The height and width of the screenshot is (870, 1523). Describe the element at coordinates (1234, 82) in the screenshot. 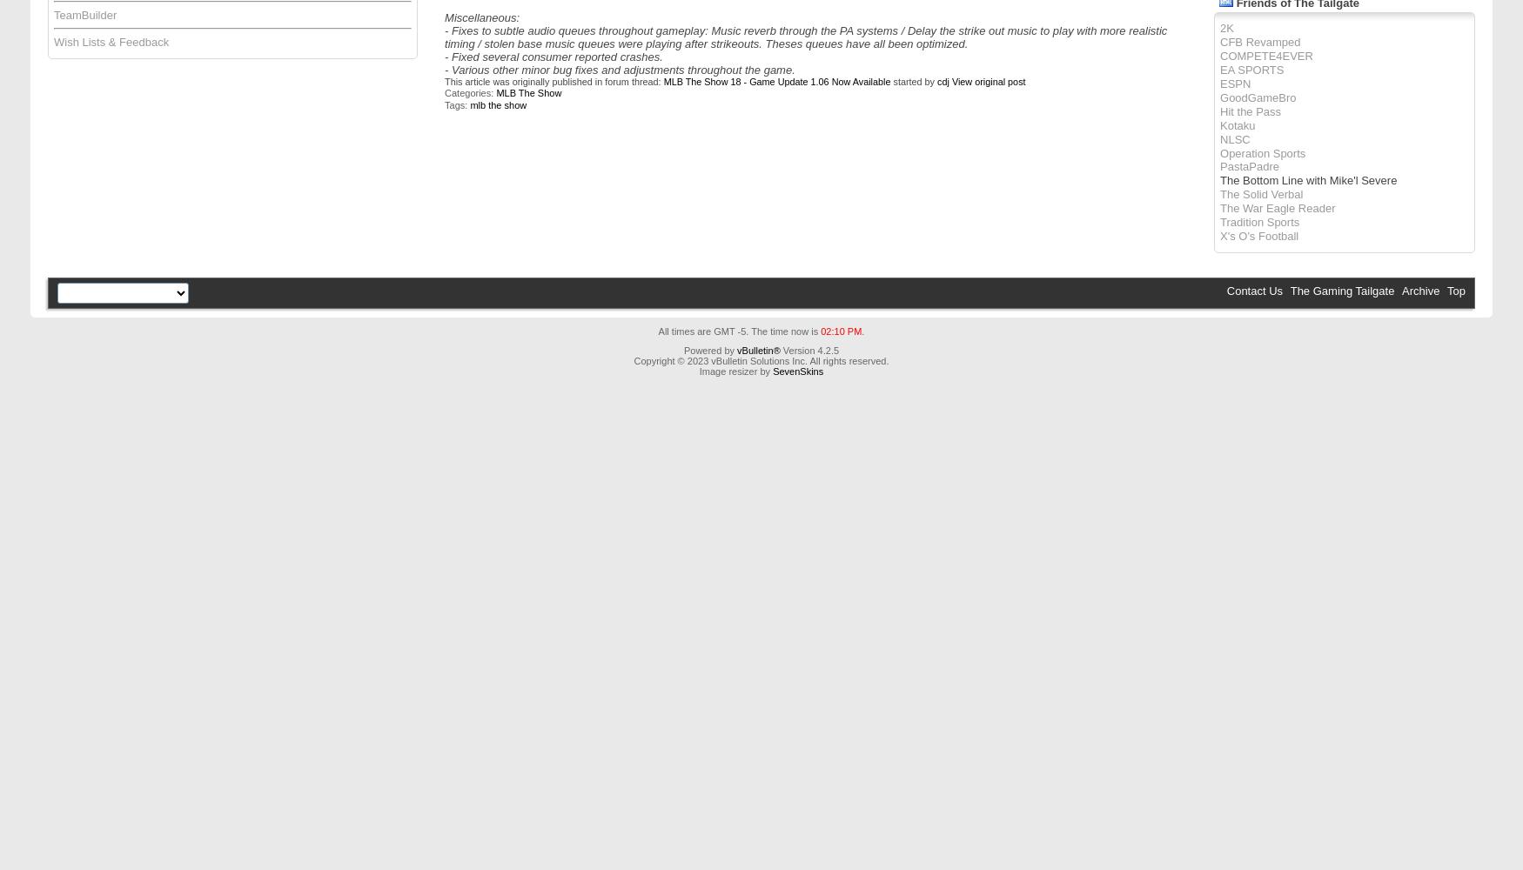

I see `'ESPN'` at that location.